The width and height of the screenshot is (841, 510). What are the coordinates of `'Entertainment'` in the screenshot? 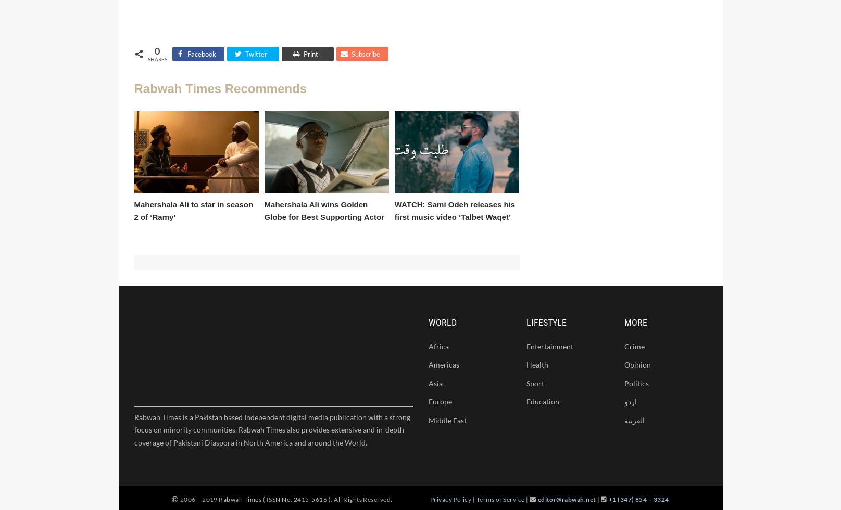 It's located at (549, 346).